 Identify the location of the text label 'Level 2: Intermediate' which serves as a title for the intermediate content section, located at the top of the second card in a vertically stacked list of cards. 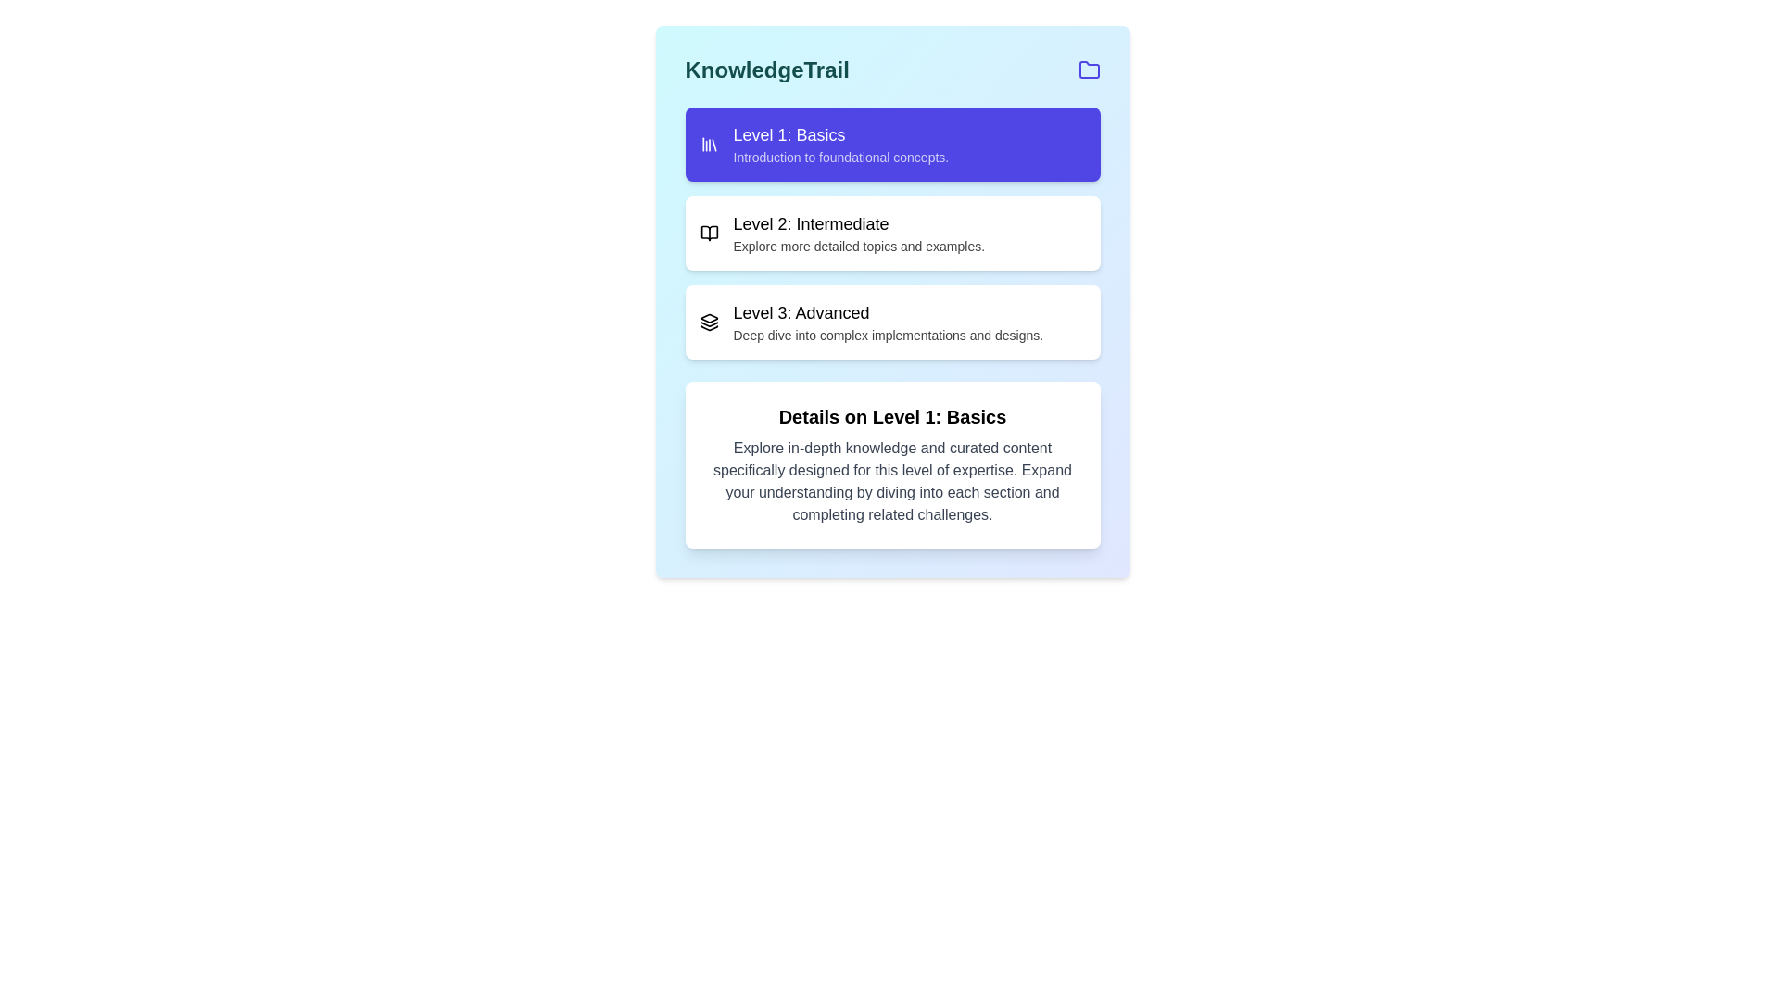
(858, 223).